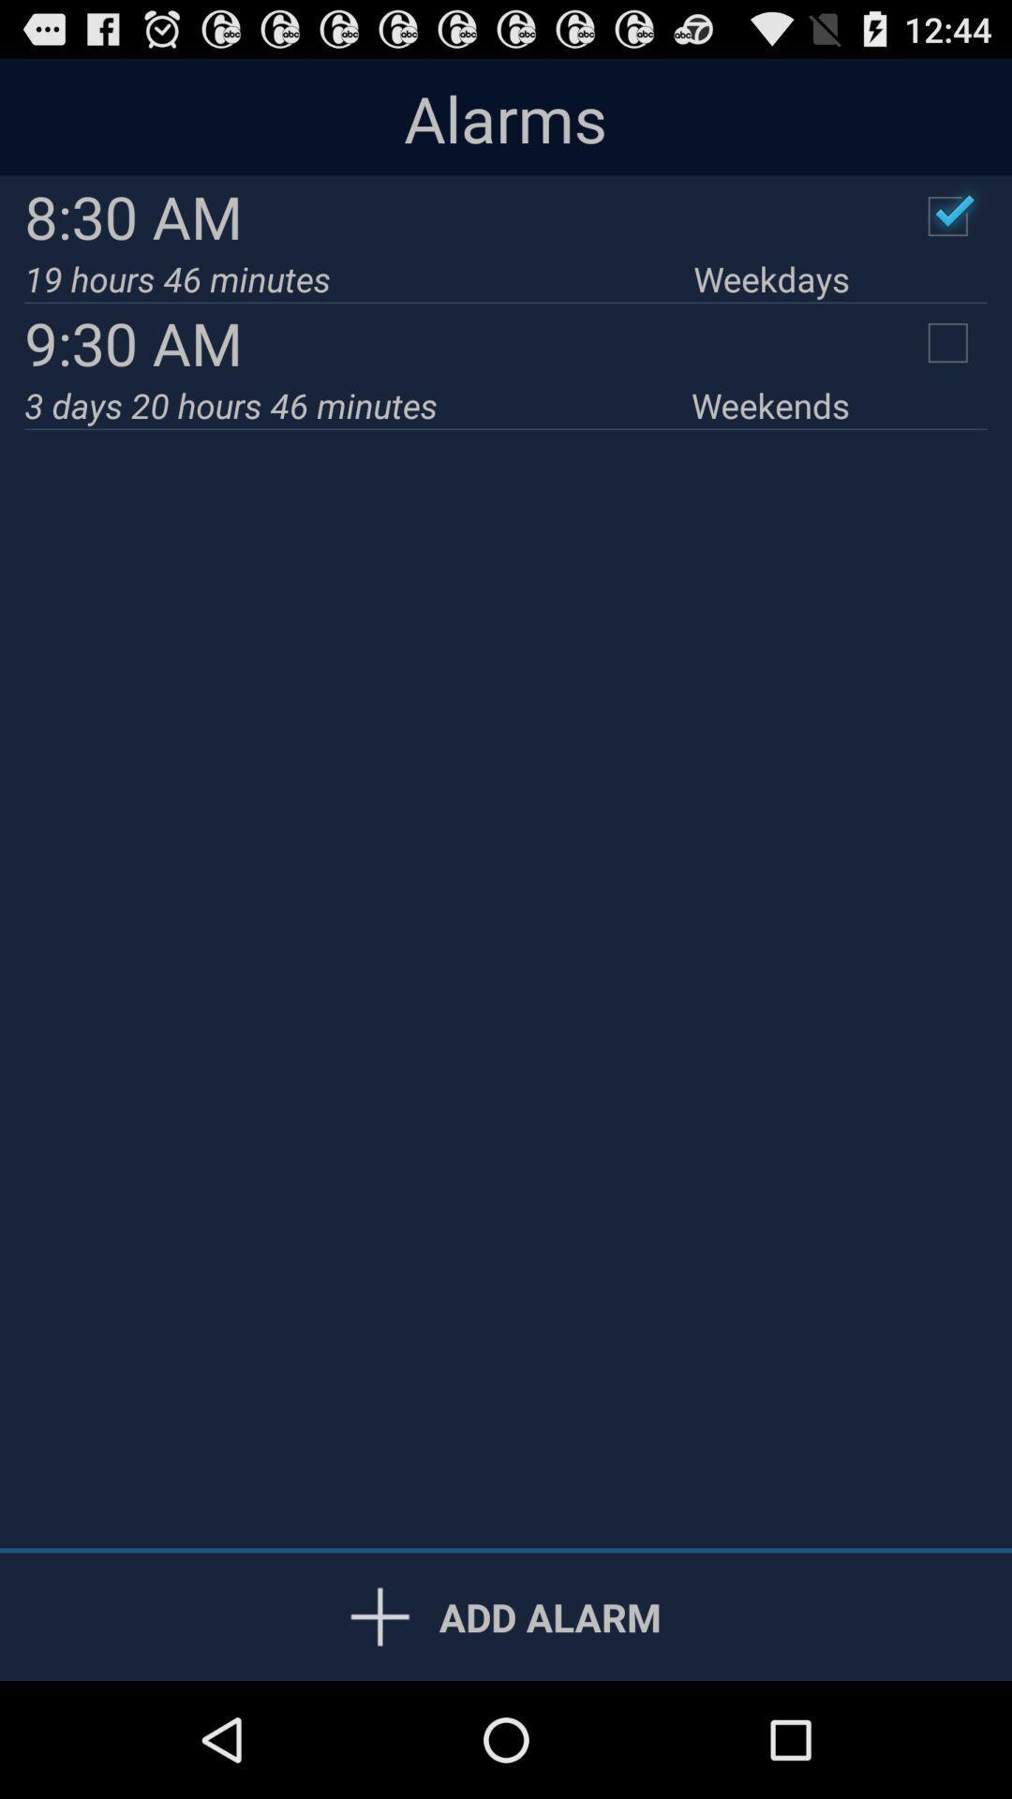  Describe the element at coordinates (770, 404) in the screenshot. I see `the app to the right of 3 days 20 icon` at that location.